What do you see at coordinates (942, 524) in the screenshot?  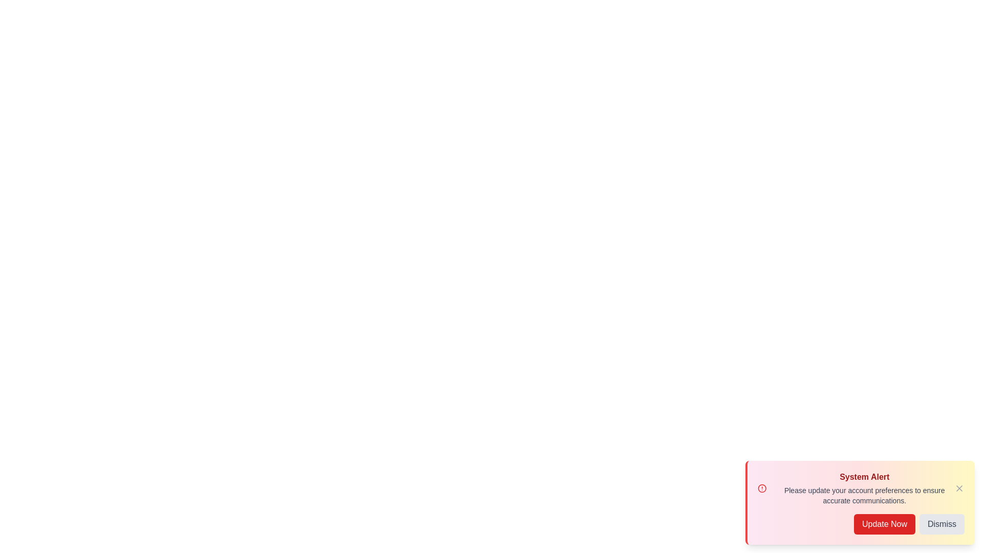 I see `the 'Dismiss' button to hide the alert` at bounding box center [942, 524].